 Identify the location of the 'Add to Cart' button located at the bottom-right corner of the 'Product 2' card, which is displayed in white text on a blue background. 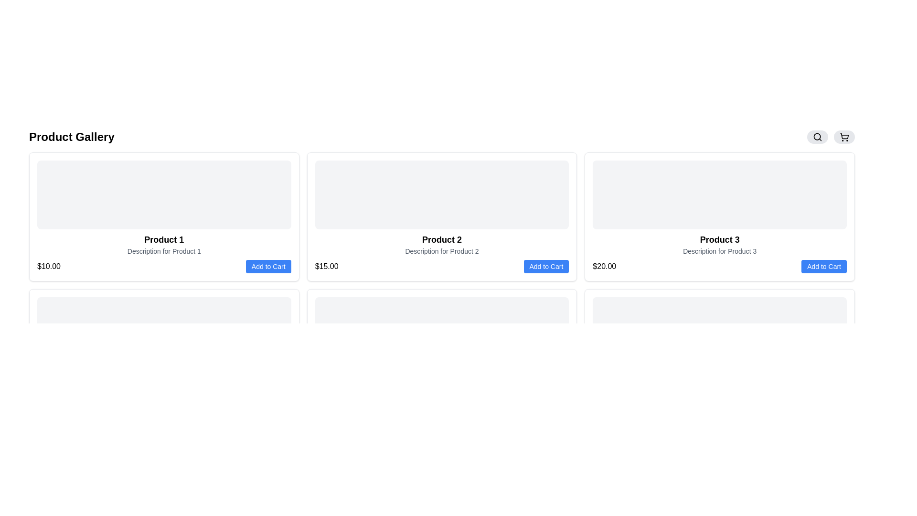
(546, 267).